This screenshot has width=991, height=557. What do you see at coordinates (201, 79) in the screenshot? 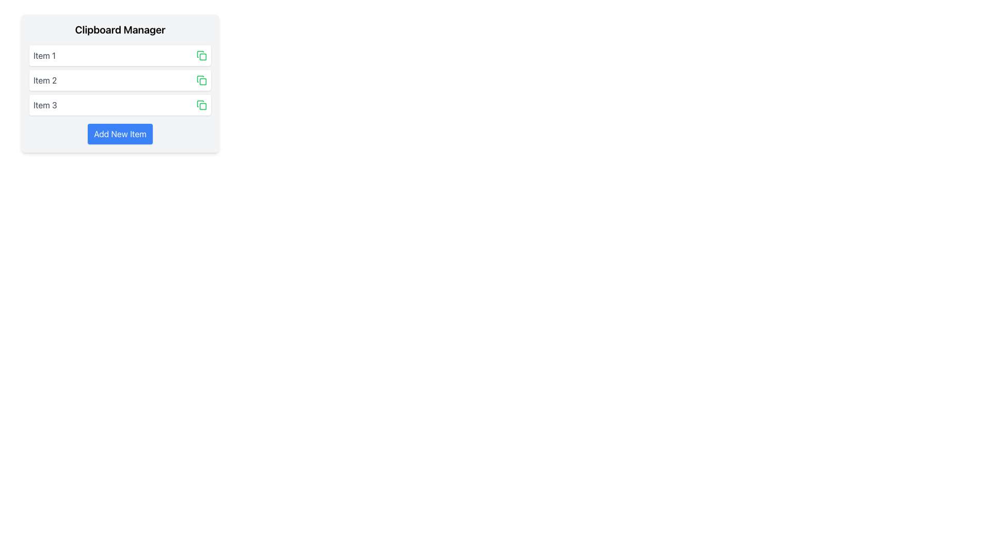
I see `the green button shaped like two overlapping squares, which is located to the right of the text 'Item 2'` at bounding box center [201, 79].